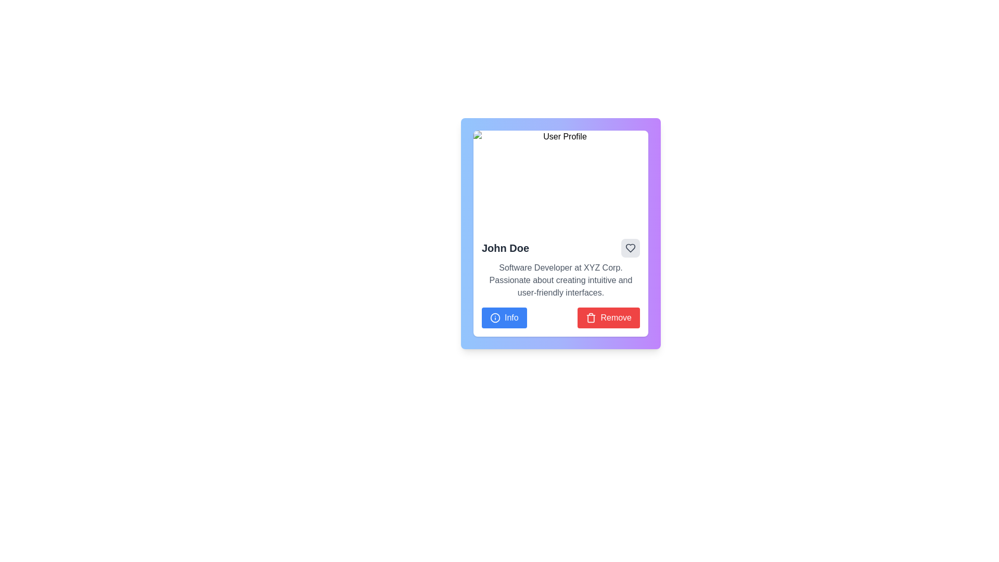  I want to click on the image placeholder for the user's profile appearance located at the top area of the profile card, so click(560, 180).